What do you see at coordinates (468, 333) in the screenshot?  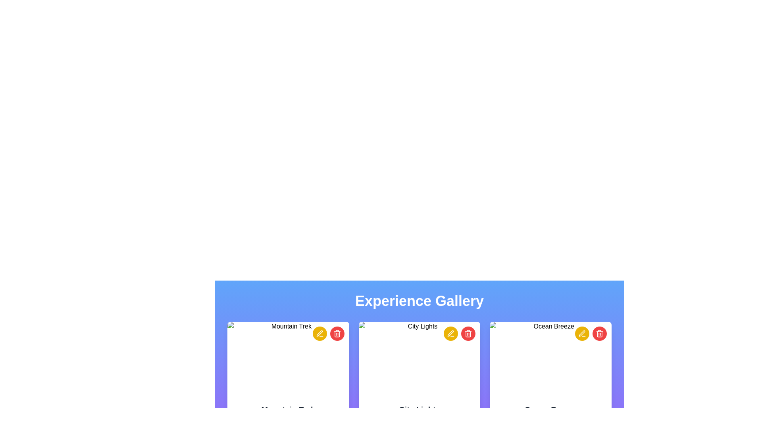 I see `the small circular red button with a trash bin icon located in the top-right corner of the 'City Lights' card to observe any visual response` at bounding box center [468, 333].